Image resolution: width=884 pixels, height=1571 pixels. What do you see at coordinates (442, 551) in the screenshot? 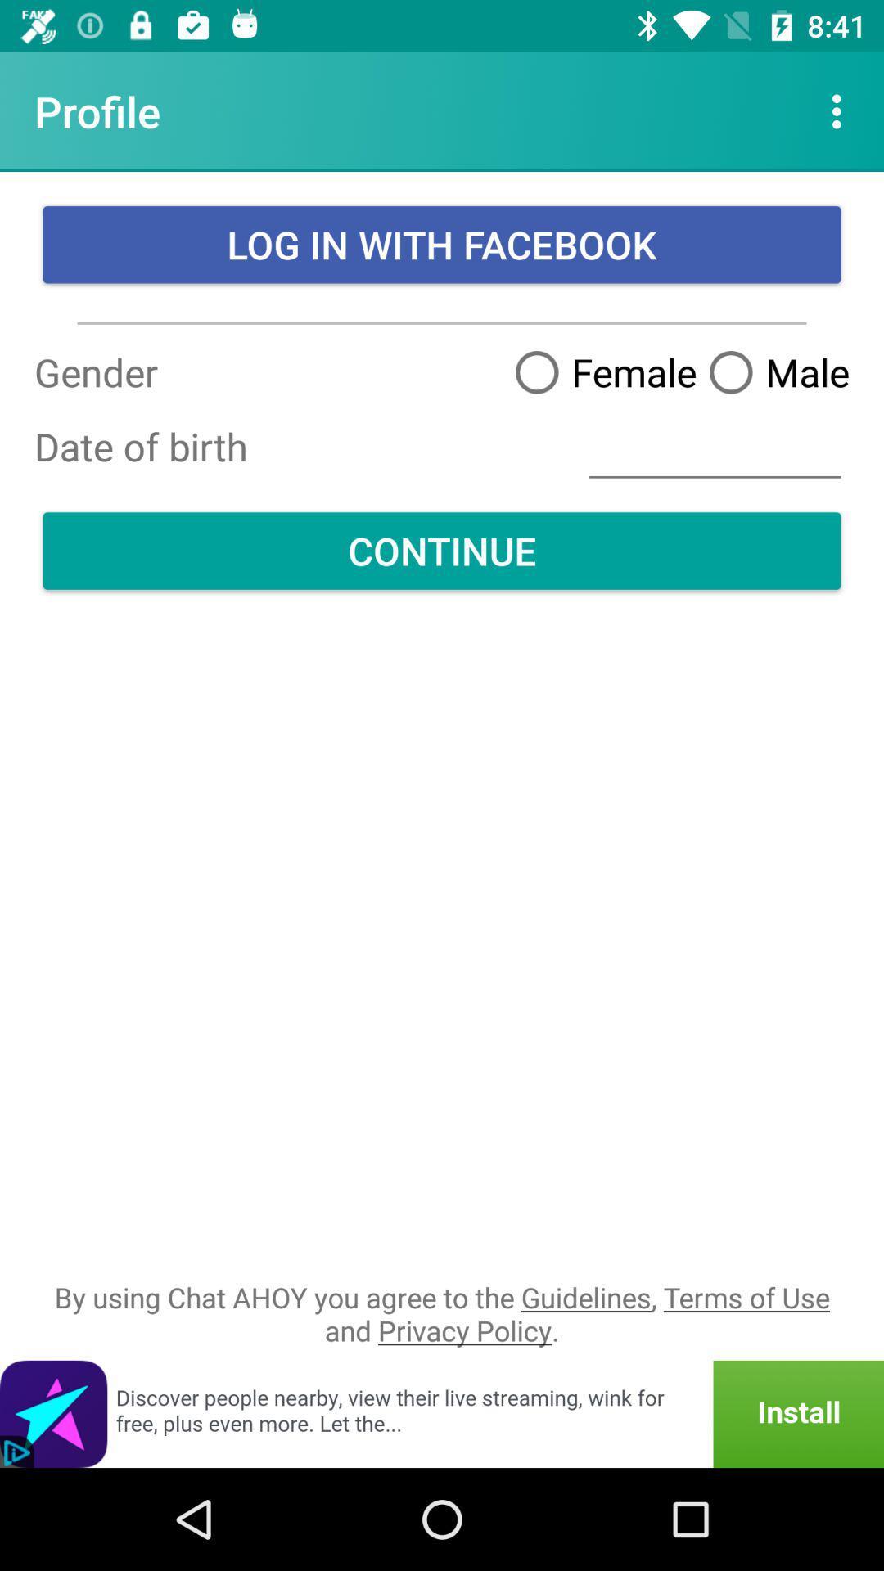
I see `the item above by using chat icon` at bounding box center [442, 551].